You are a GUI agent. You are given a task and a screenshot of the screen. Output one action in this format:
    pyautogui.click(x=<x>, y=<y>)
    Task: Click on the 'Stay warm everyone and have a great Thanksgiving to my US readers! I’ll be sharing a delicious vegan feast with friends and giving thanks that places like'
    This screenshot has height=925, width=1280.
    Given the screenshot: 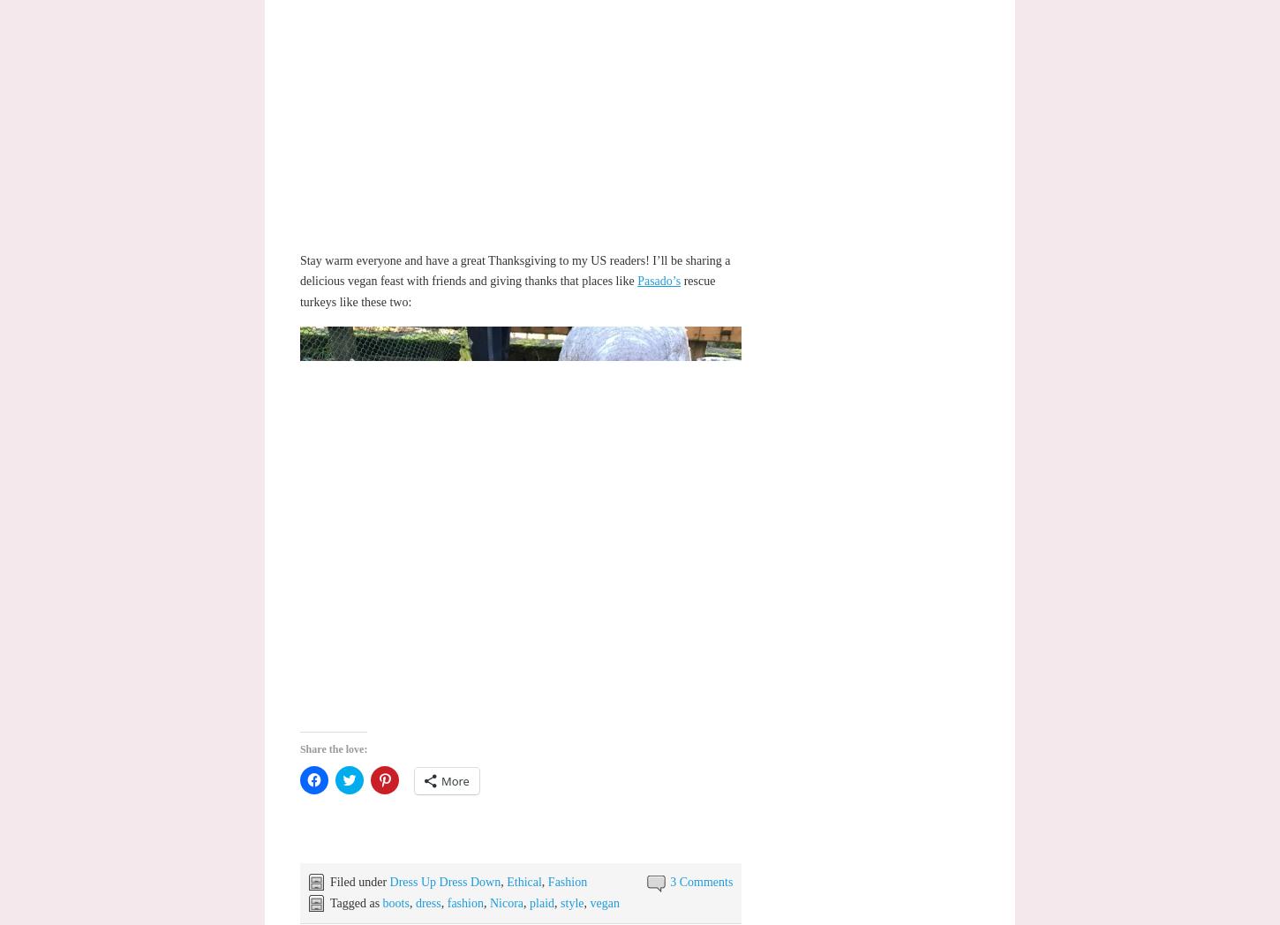 What is the action you would take?
    pyautogui.click(x=299, y=269)
    